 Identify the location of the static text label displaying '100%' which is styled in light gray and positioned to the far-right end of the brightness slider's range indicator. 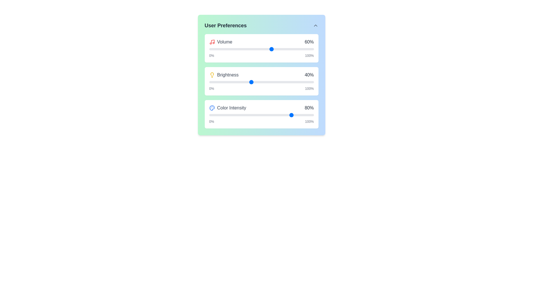
(309, 89).